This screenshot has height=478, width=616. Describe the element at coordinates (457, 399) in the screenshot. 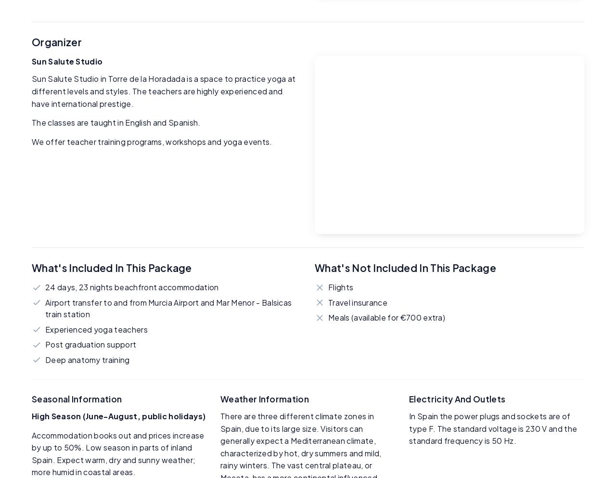

I see `'Electricity and outlets'` at that location.